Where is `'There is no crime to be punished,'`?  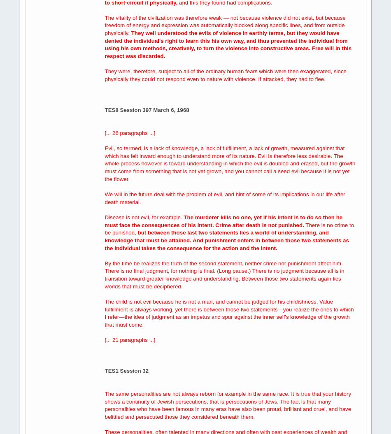 'There is no crime to be punished,' is located at coordinates (229, 228).